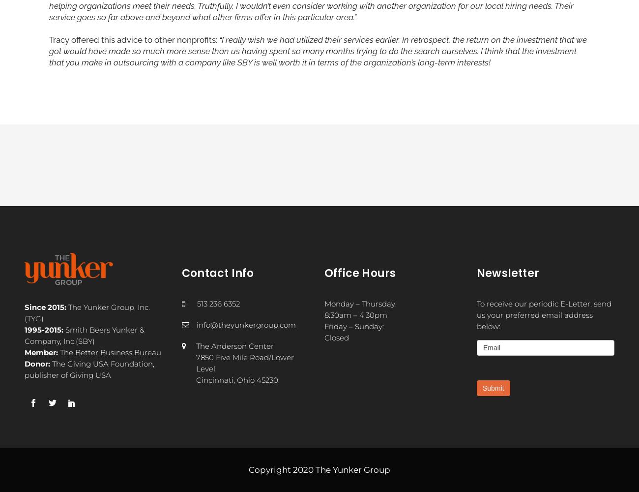 The width and height of the screenshot is (639, 492). What do you see at coordinates (324, 303) in the screenshot?
I see `'Monday – Thursday:'` at bounding box center [324, 303].